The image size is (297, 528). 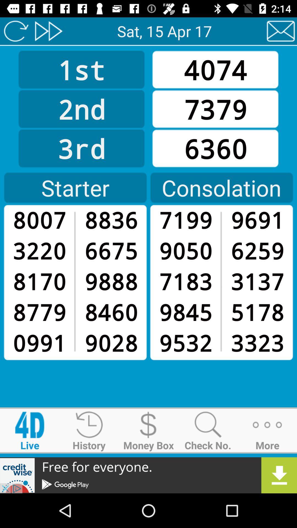 I want to click on connect to advertisement, so click(x=148, y=475).